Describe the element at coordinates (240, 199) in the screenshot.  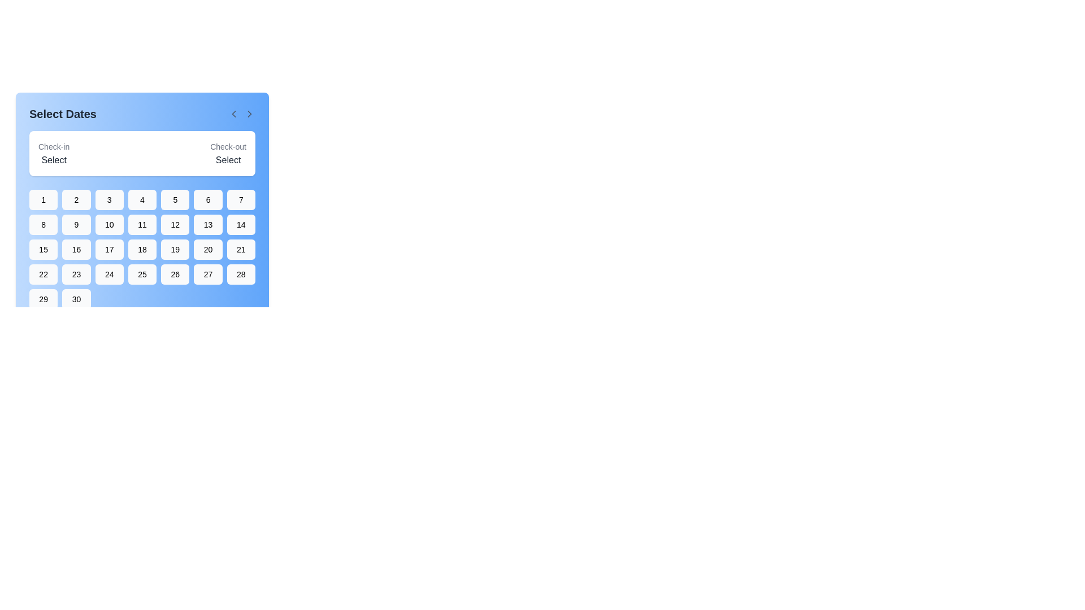
I see `the button representing the selectable date '7' in the top right of the grid` at that location.